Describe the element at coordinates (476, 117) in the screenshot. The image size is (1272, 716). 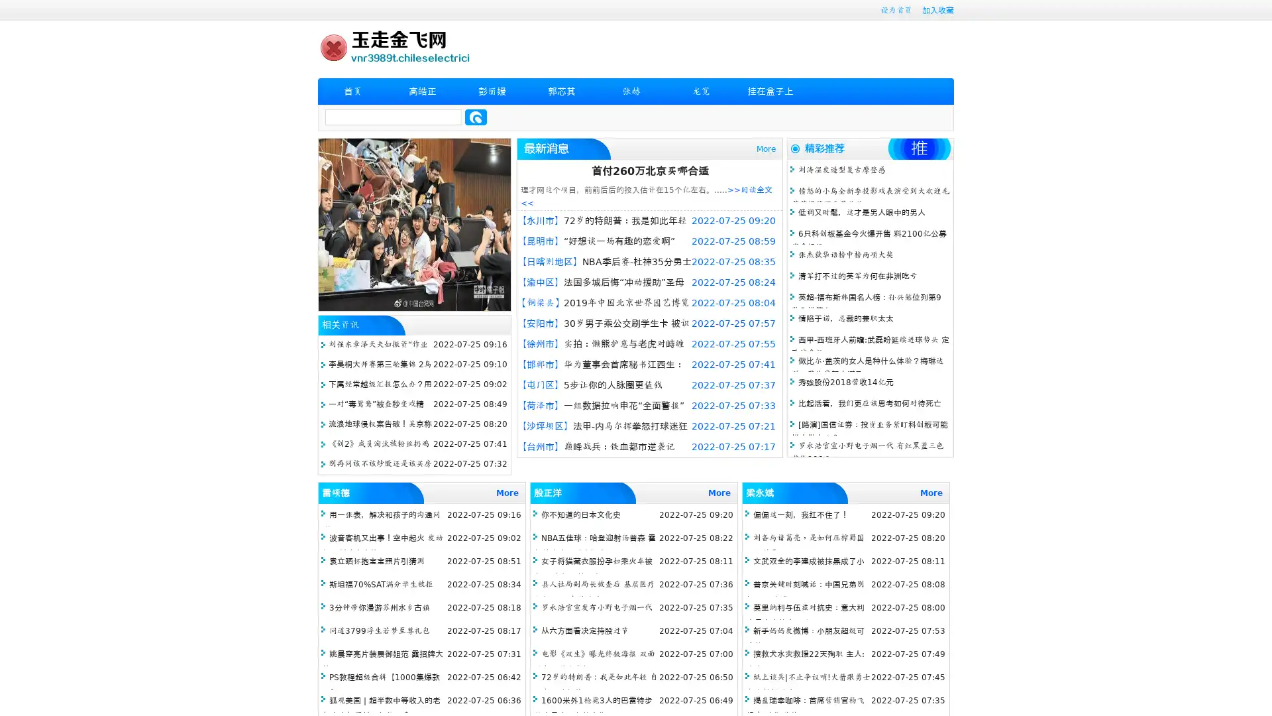
I see `Search` at that location.